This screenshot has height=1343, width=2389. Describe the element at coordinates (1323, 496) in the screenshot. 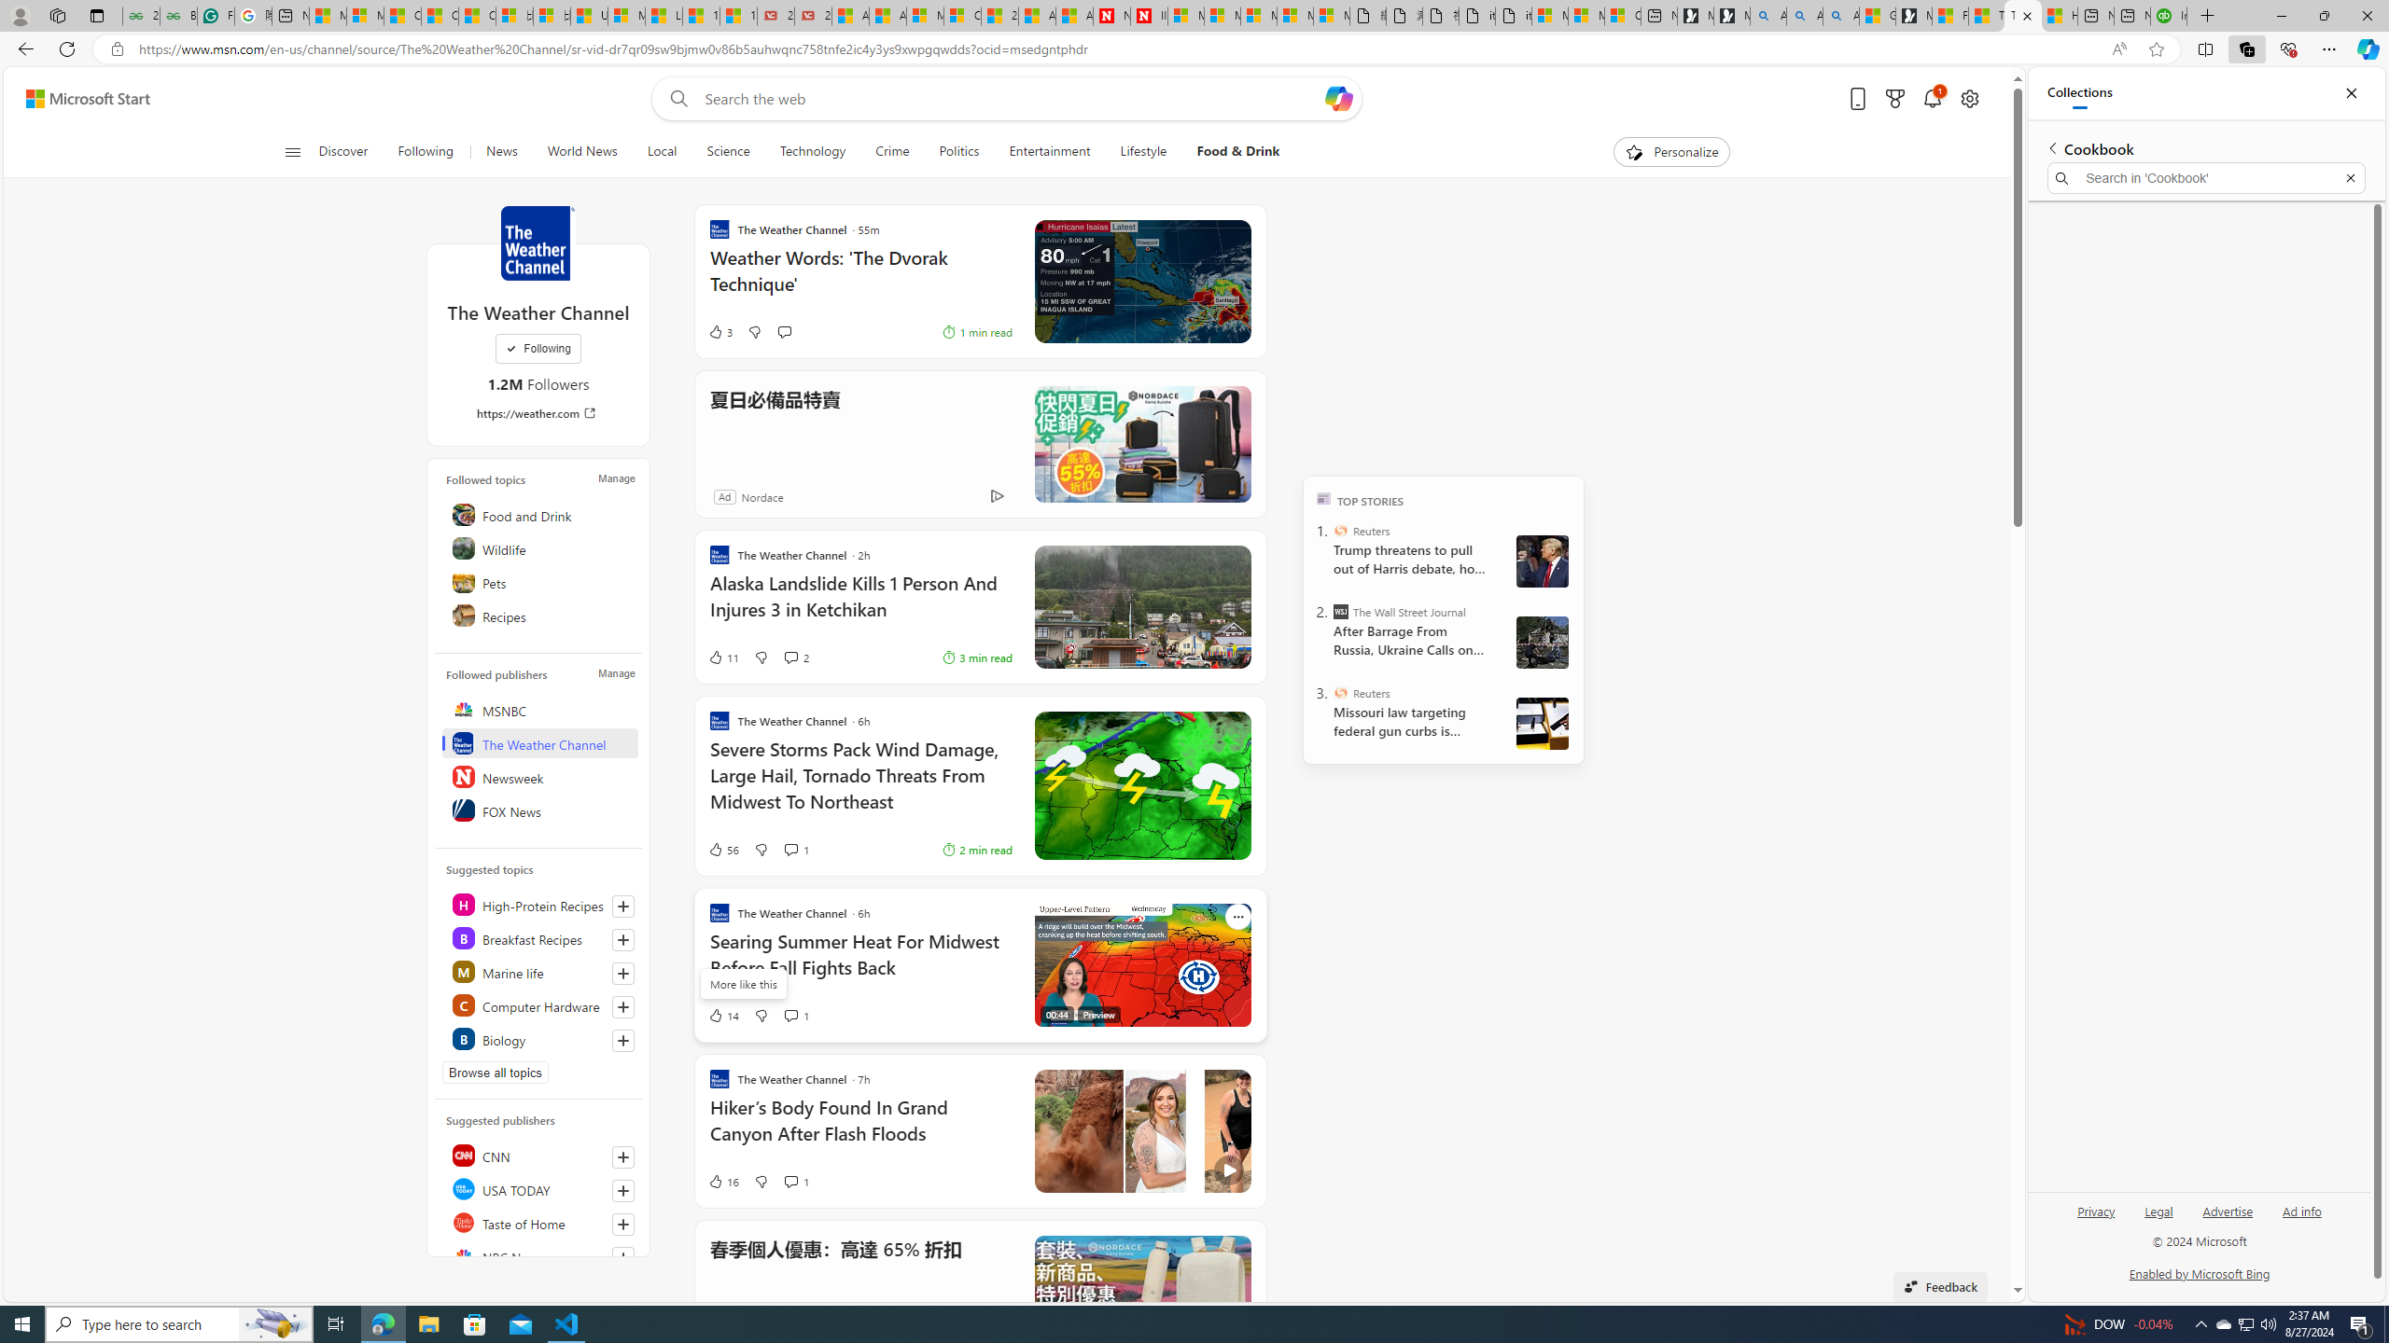

I see `'TOP'` at that location.